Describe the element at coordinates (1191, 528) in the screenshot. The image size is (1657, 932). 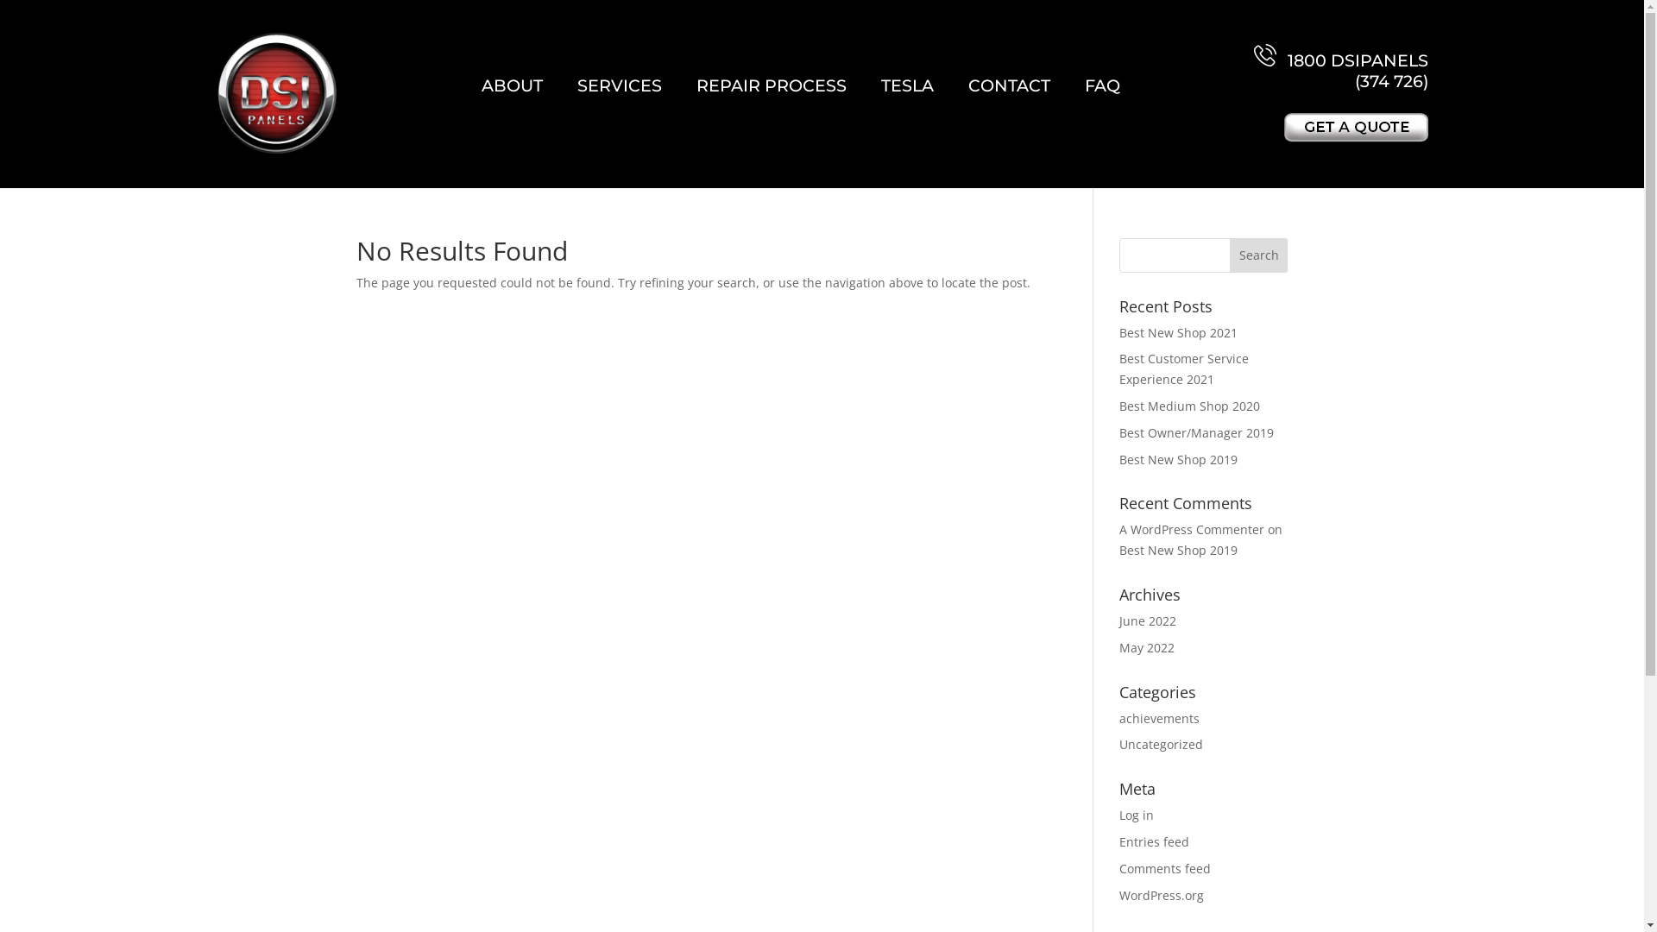
I see `'A WordPress Commenter'` at that location.